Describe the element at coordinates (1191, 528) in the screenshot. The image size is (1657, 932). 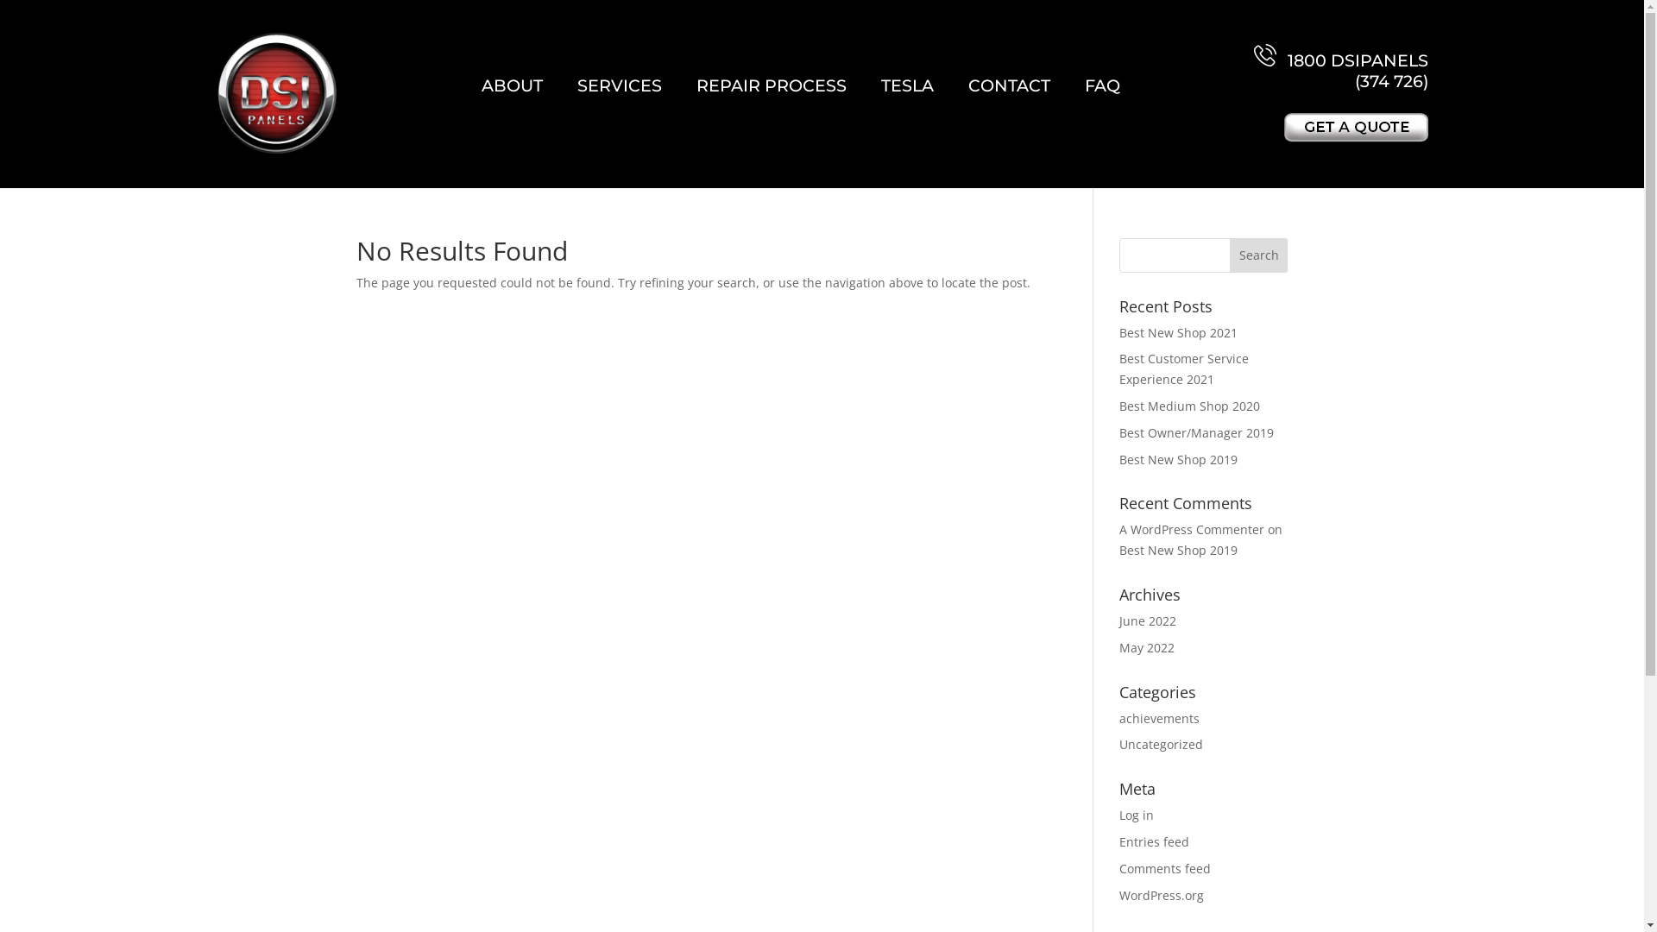
I see `'A WordPress Commenter'` at that location.